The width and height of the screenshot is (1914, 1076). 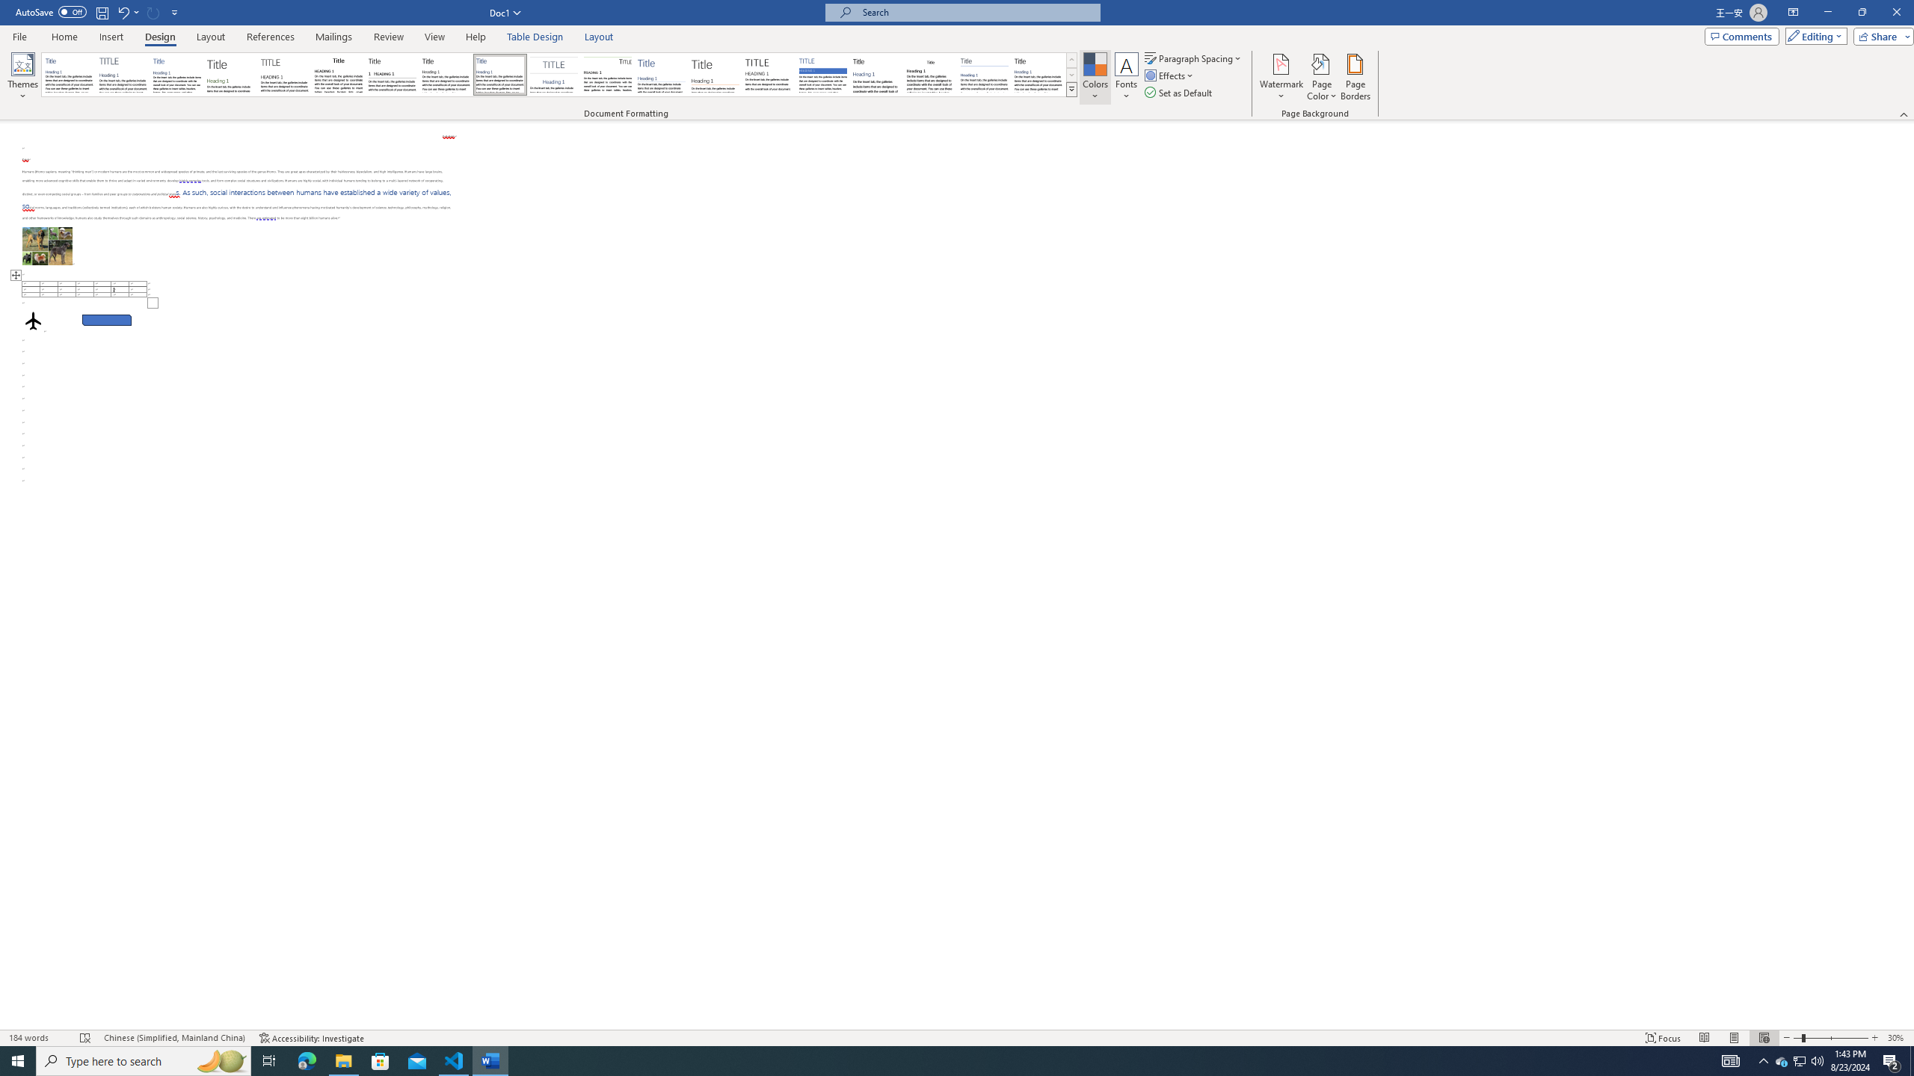 I want to click on 'Black & White (Classic)', so click(x=338, y=74).